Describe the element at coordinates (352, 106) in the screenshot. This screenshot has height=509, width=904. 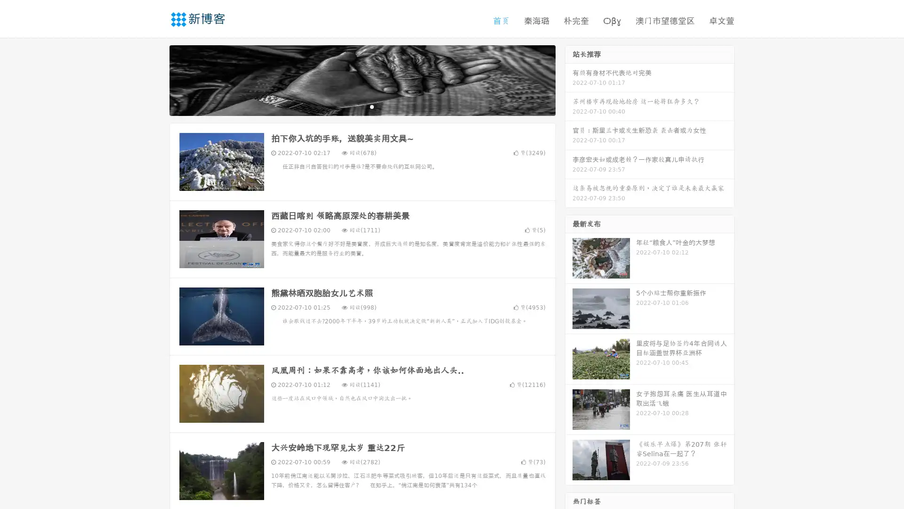
I see `Go to slide 1` at that location.